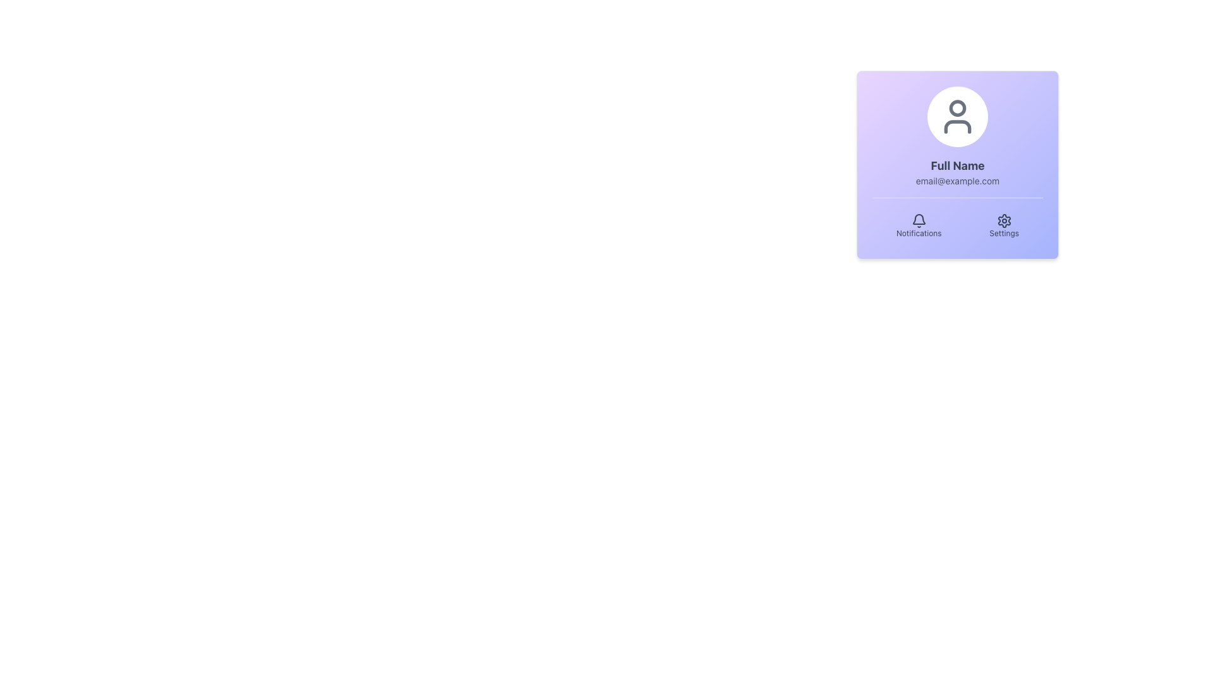 This screenshot has height=682, width=1213. Describe the element at coordinates (958, 117) in the screenshot. I see `the Circular Icon located above the text 'Full Name' and 'email@example.com', which serves as a visual representation for a user's avatar or profile picture` at that location.